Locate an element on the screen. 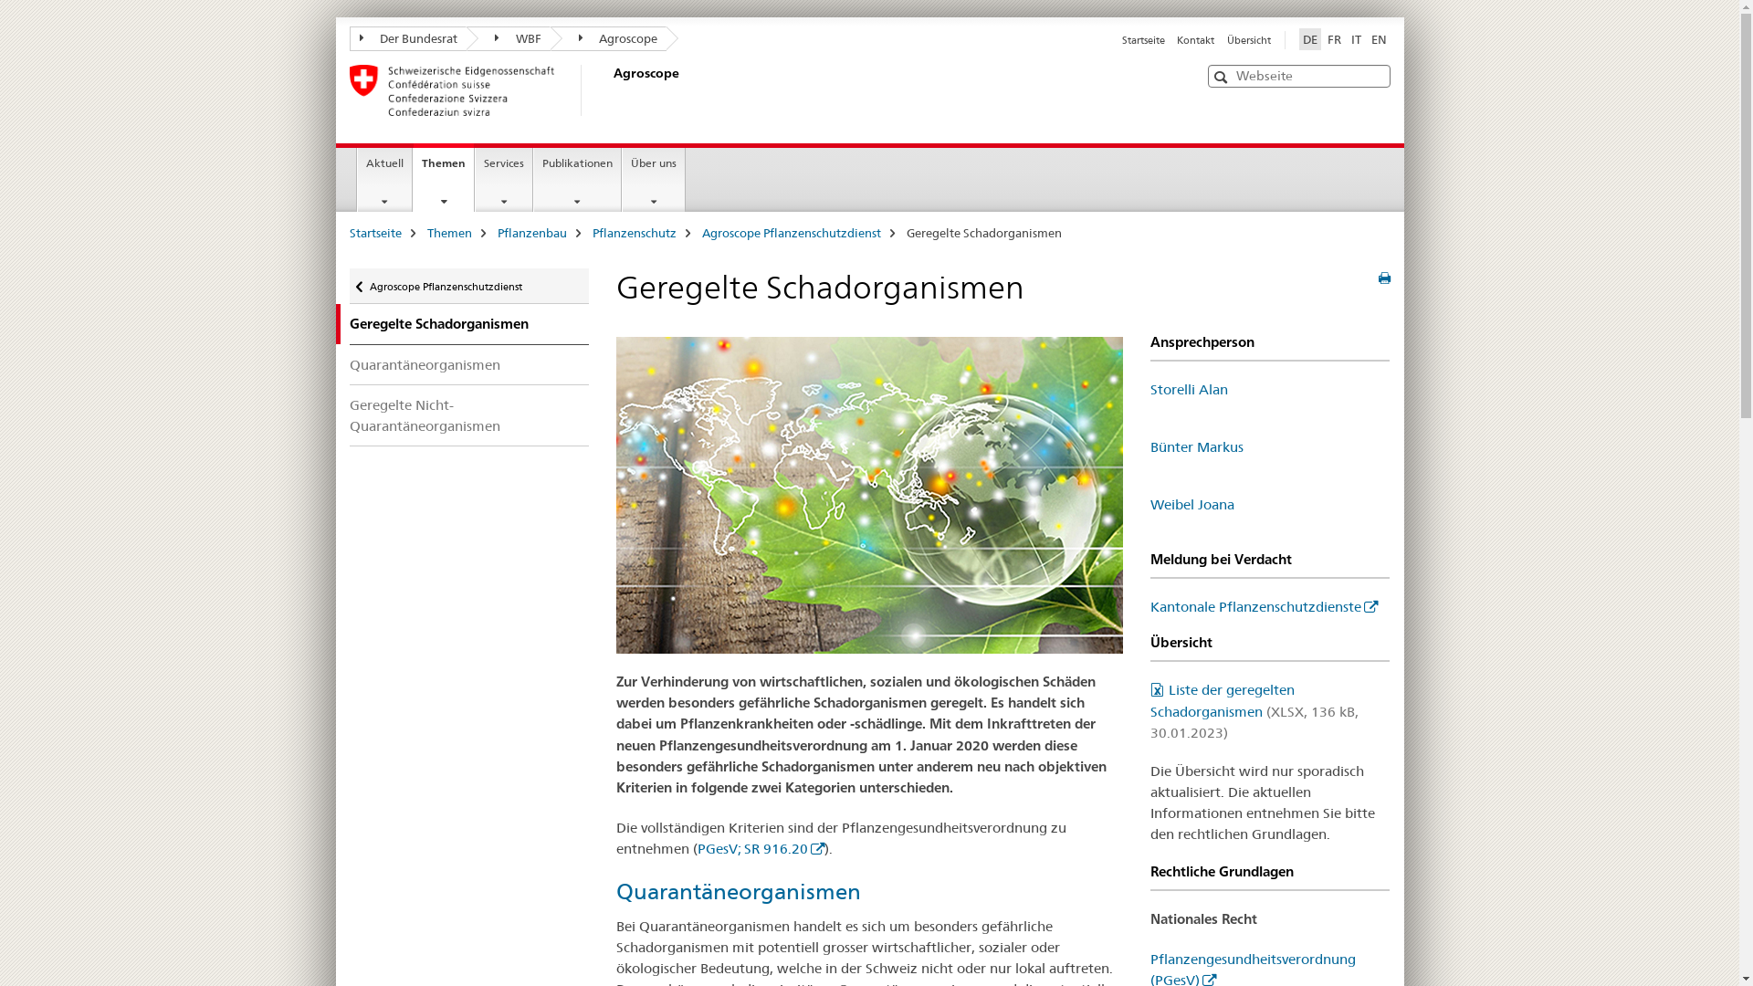  'Weibel Joana' is located at coordinates (1191, 504).